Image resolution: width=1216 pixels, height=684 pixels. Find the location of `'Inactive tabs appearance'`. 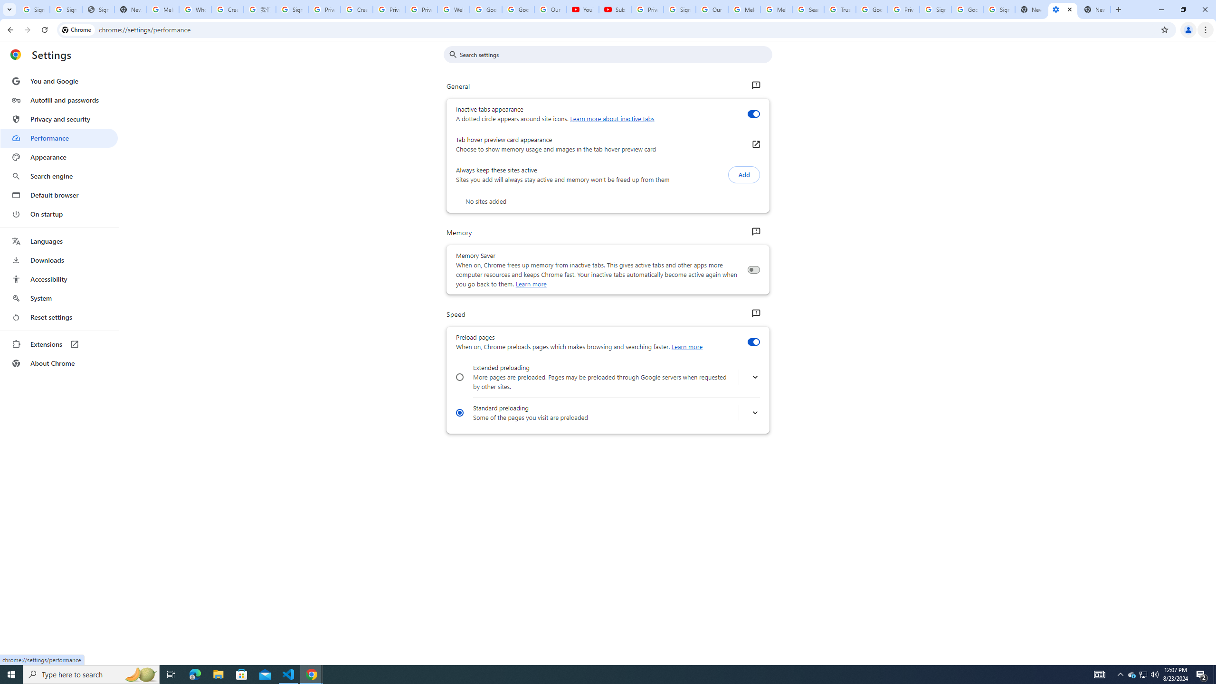

'Inactive tabs appearance' is located at coordinates (753, 114).